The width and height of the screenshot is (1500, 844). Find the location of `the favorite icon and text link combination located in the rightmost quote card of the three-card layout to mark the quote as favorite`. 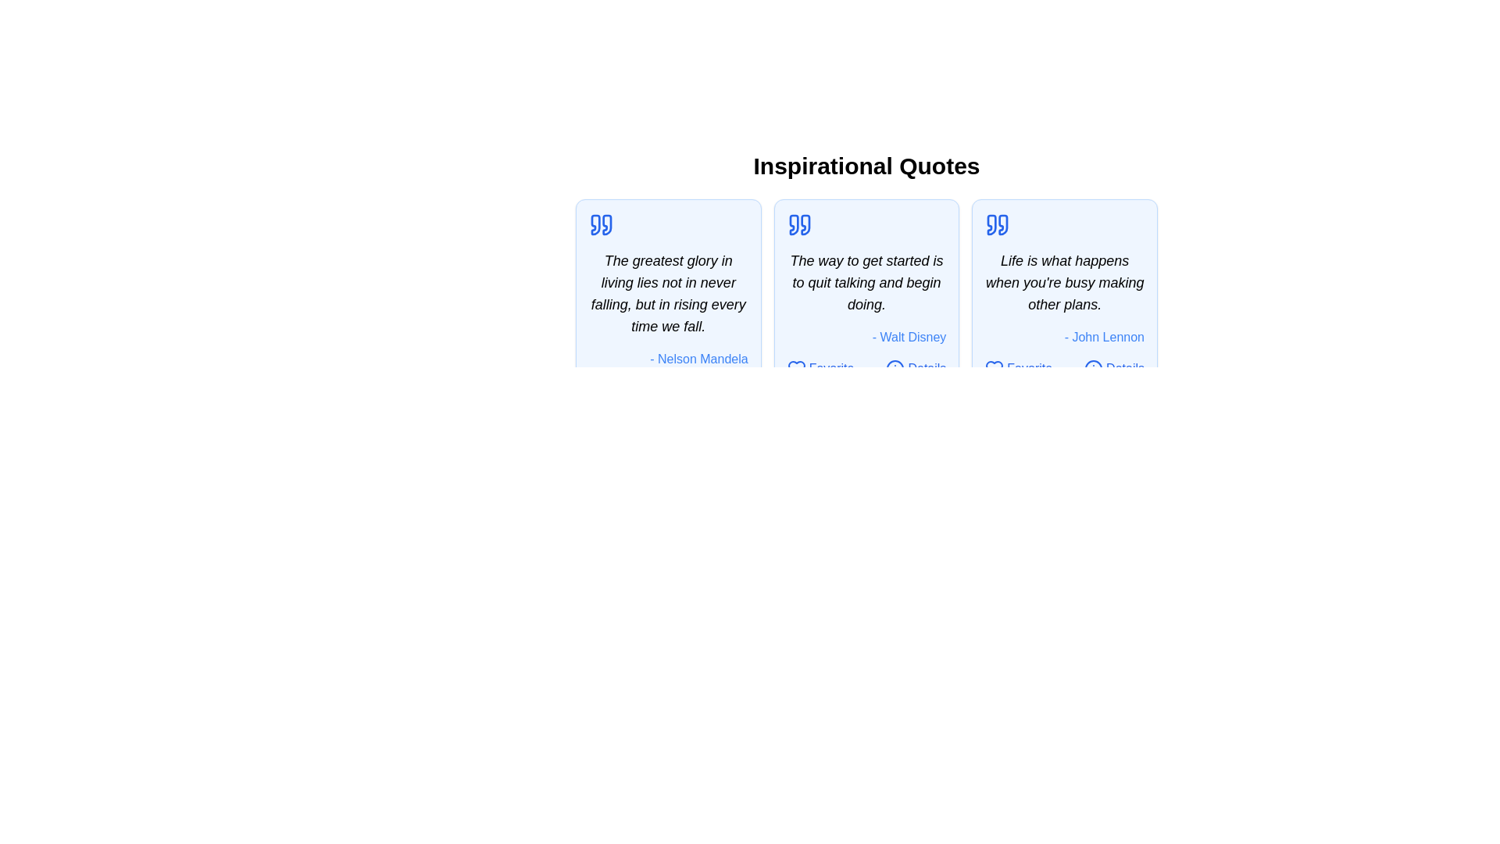

the favorite icon and text link combination located in the rightmost quote card of the three-card layout to mark the quote as favorite is located at coordinates (1019, 368).